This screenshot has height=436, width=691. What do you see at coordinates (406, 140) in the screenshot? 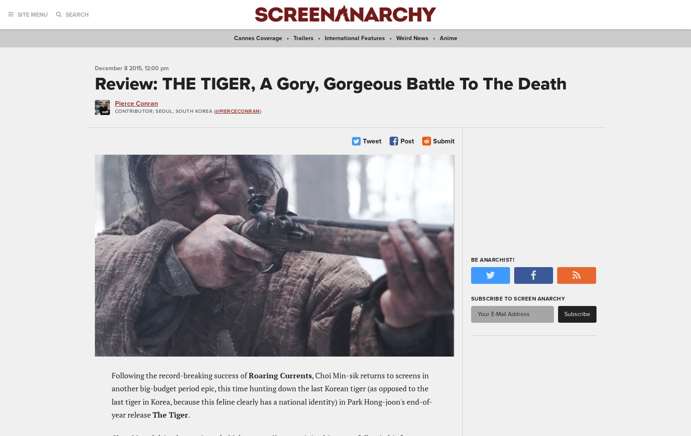
I see `'Post'` at bounding box center [406, 140].